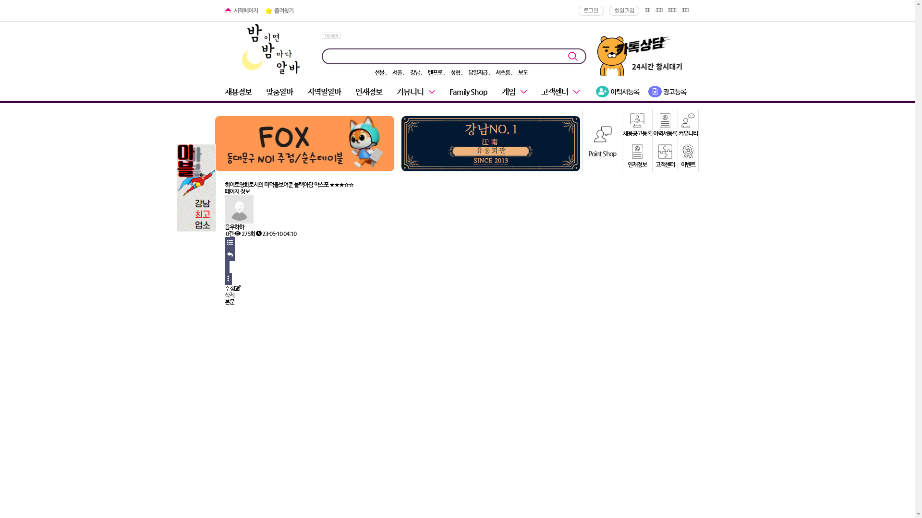 The width and height of the screenshot is (922, 518). What do you see at coordinates (582, 140) in the screenshot?
I see `'Point Shop'` at bounding box center [582, 140].